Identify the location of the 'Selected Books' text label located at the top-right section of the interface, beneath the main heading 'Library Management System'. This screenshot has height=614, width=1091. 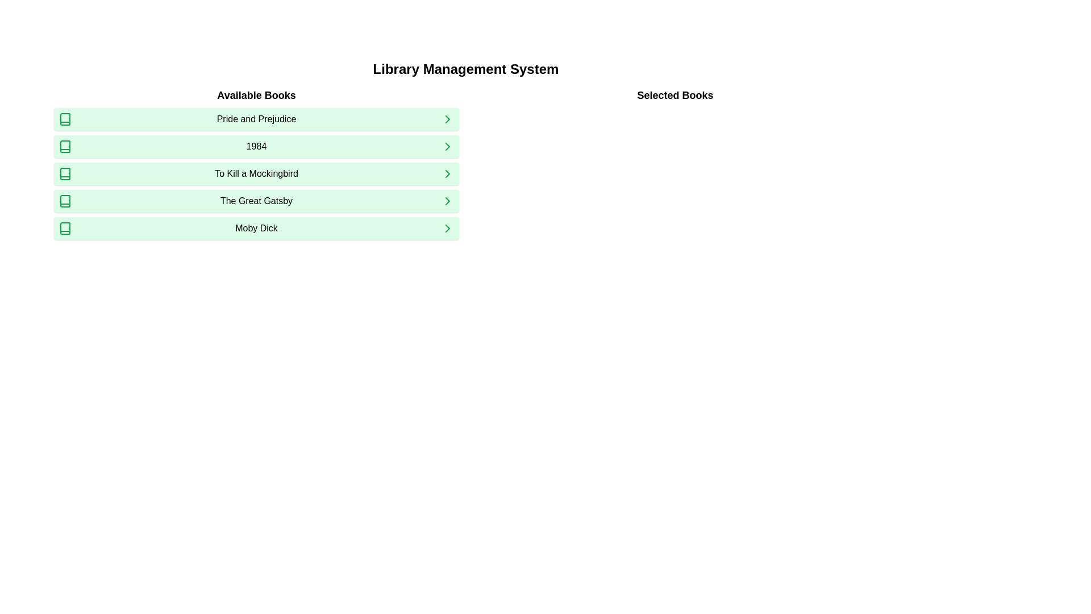
(675, 95).